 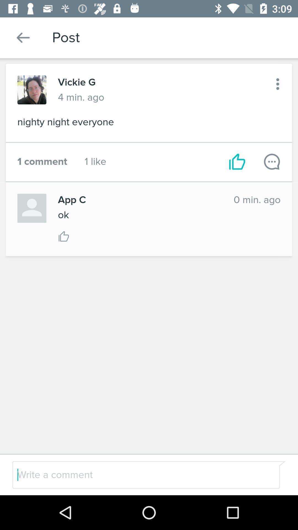 I want to click on show user profile, so click(x=32, y=208).